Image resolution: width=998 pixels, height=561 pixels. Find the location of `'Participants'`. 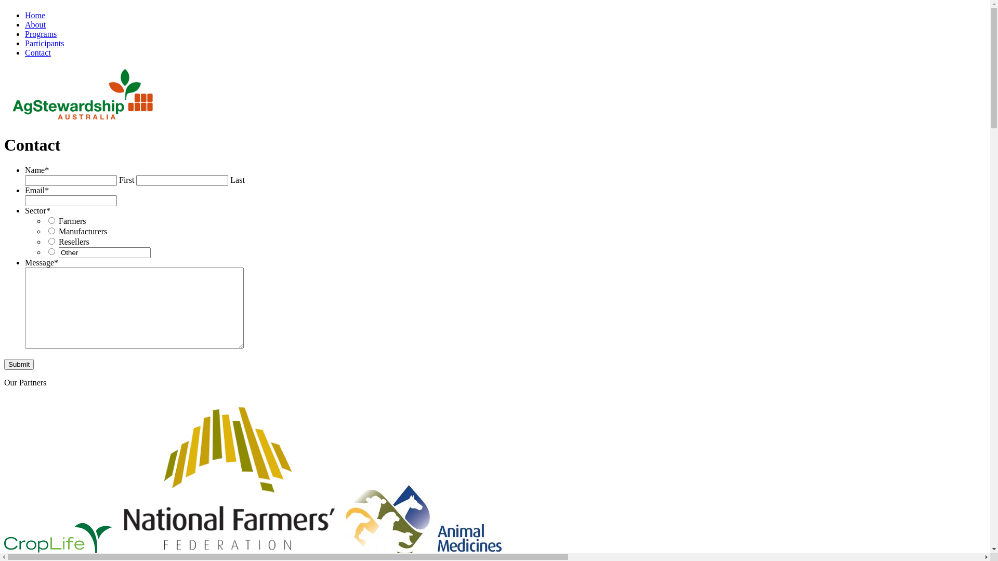

'Participants' is located at coordinates (25, 43).